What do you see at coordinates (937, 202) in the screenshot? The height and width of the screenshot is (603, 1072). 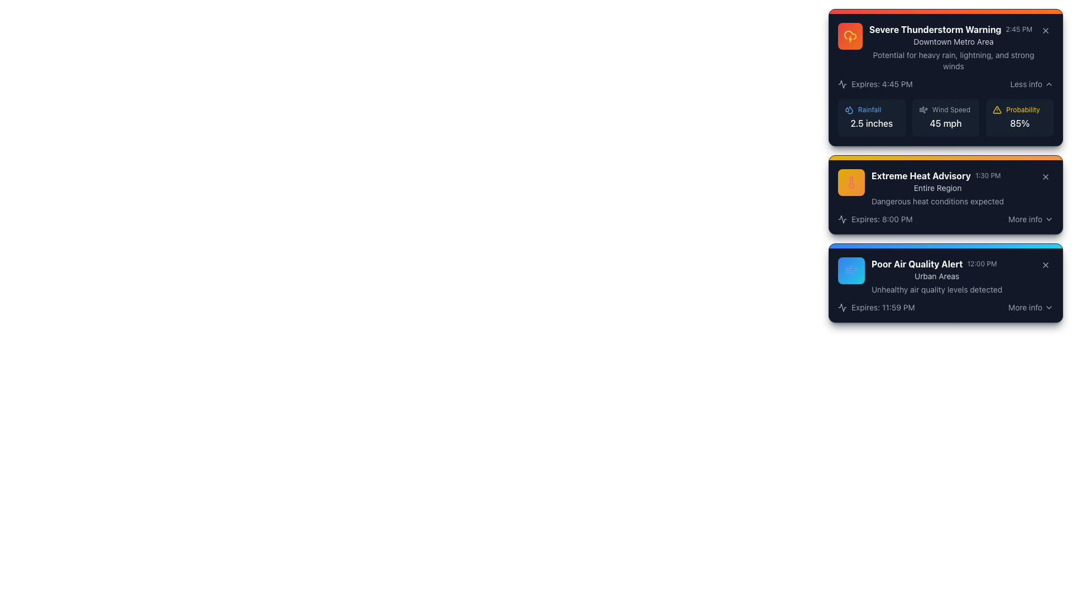 I see `the informational Text label that conveys the potential risk associated with the 'Extreme Heat Advisory', located below the advisory title and region description` at bounding box center [937, 202].